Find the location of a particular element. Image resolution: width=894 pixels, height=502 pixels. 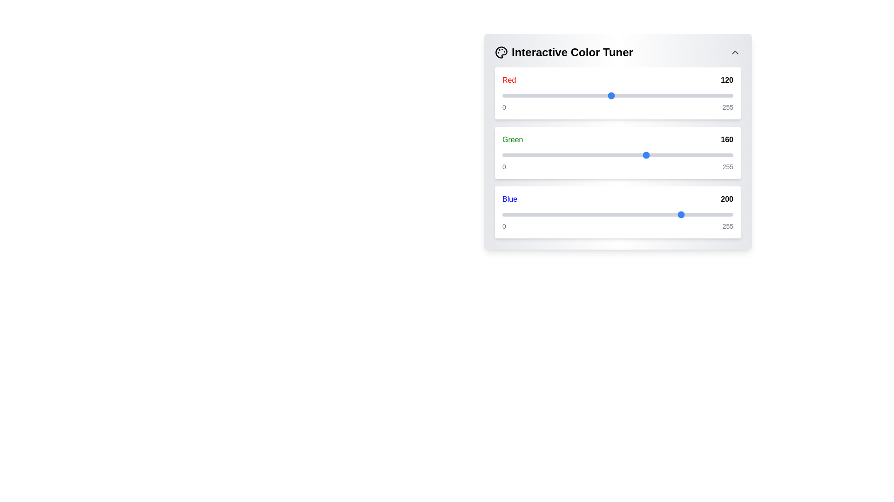

the green component value is located at coordinates (551, 155).